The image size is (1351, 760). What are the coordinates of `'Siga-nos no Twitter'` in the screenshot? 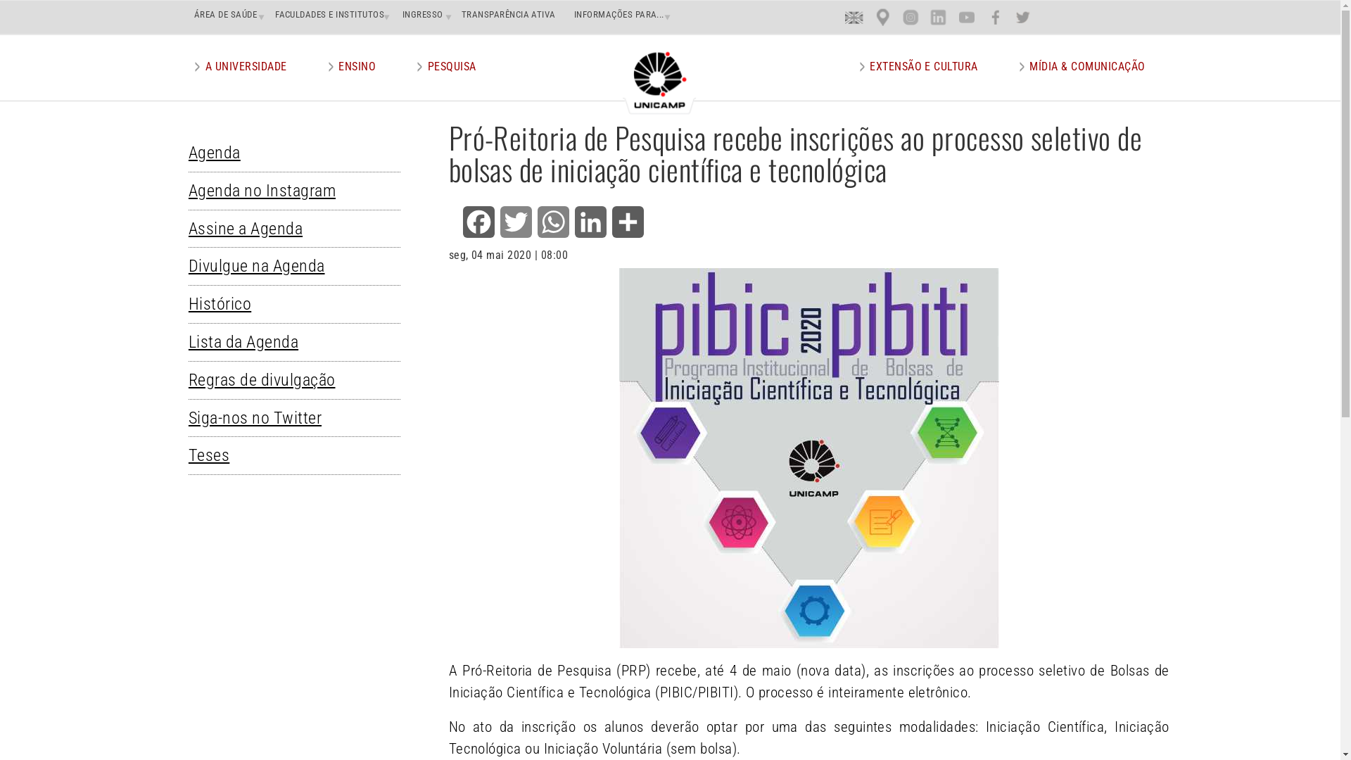 It's located at (262, 417).